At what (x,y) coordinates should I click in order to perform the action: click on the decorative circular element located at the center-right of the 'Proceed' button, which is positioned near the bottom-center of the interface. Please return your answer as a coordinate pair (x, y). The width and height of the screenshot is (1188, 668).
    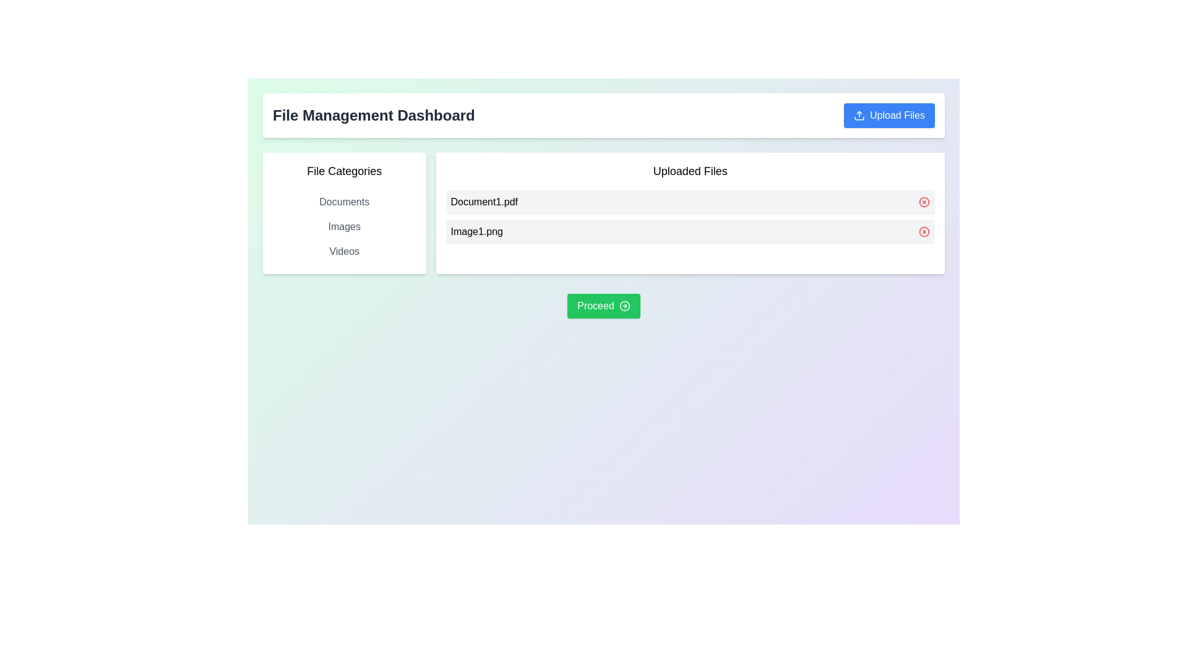
    Looking at the image, I should click on (624, 306).